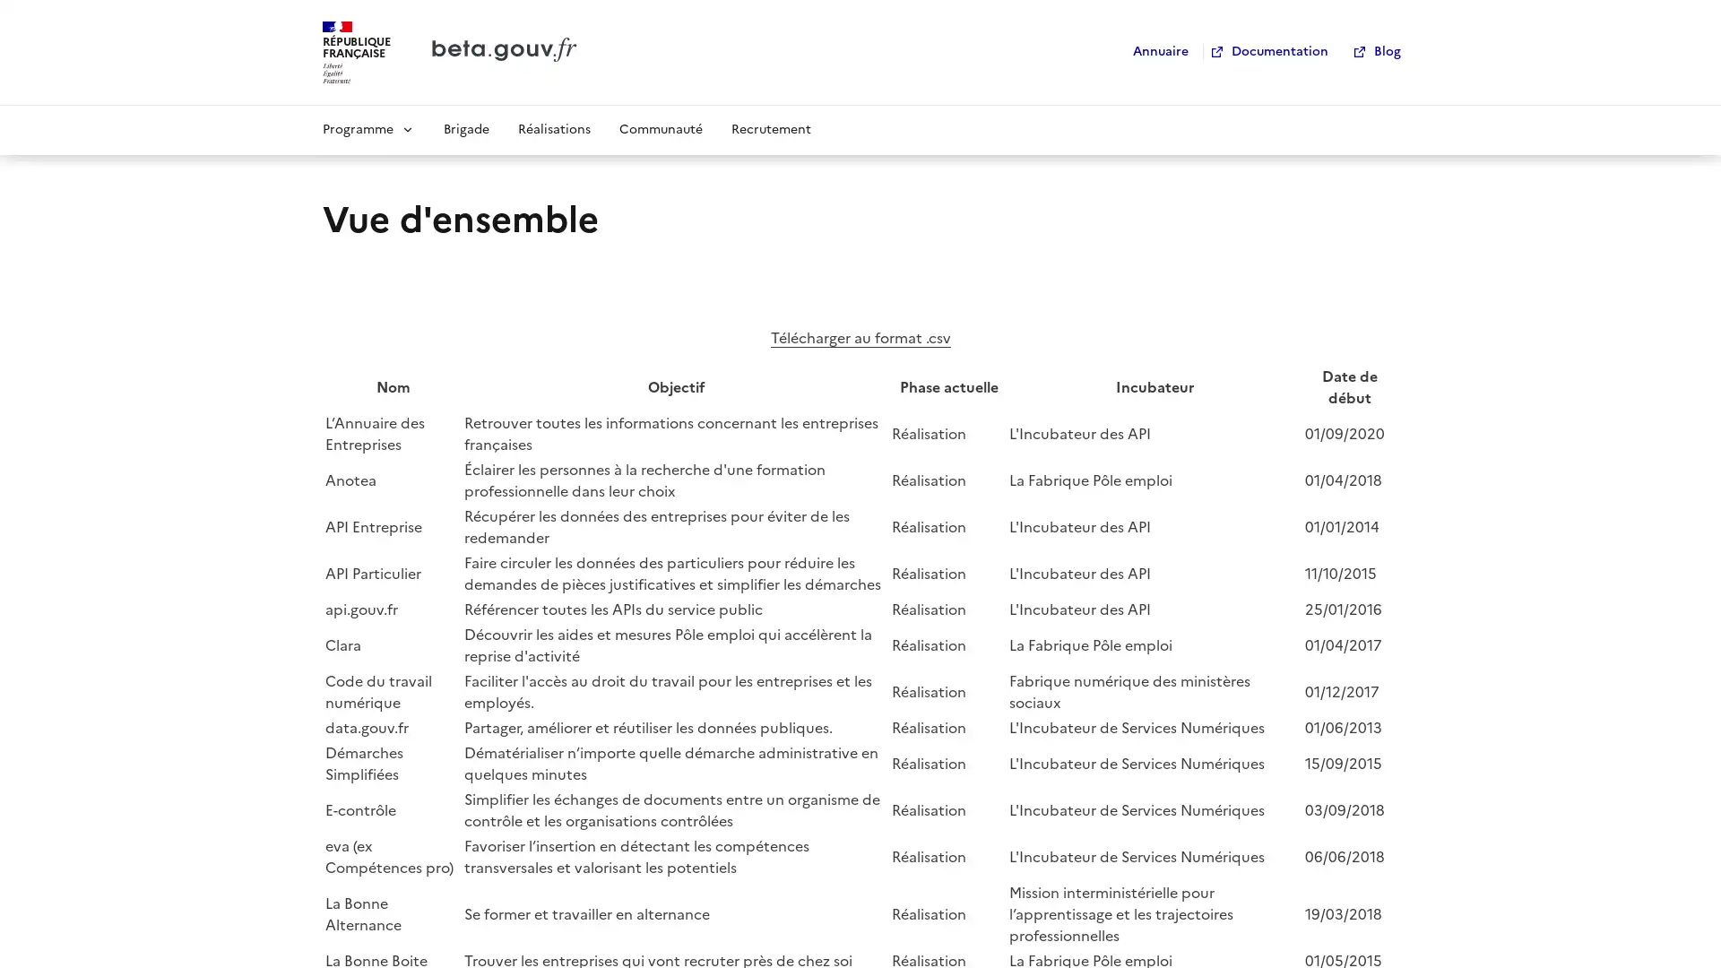  What do you see at coordinates (368, 127) in the screenshot?
I see `Programme` at bounding box center [368, 127].